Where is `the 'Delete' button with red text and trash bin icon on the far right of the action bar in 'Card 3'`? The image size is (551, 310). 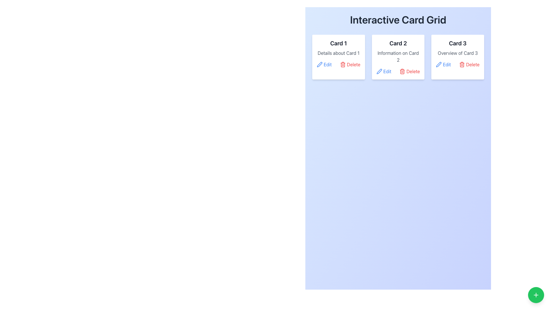
the 'Delete' button with red text and trash bin icon on the far right of the action bar in 'Card 3' is located at coordinates (469, 64).